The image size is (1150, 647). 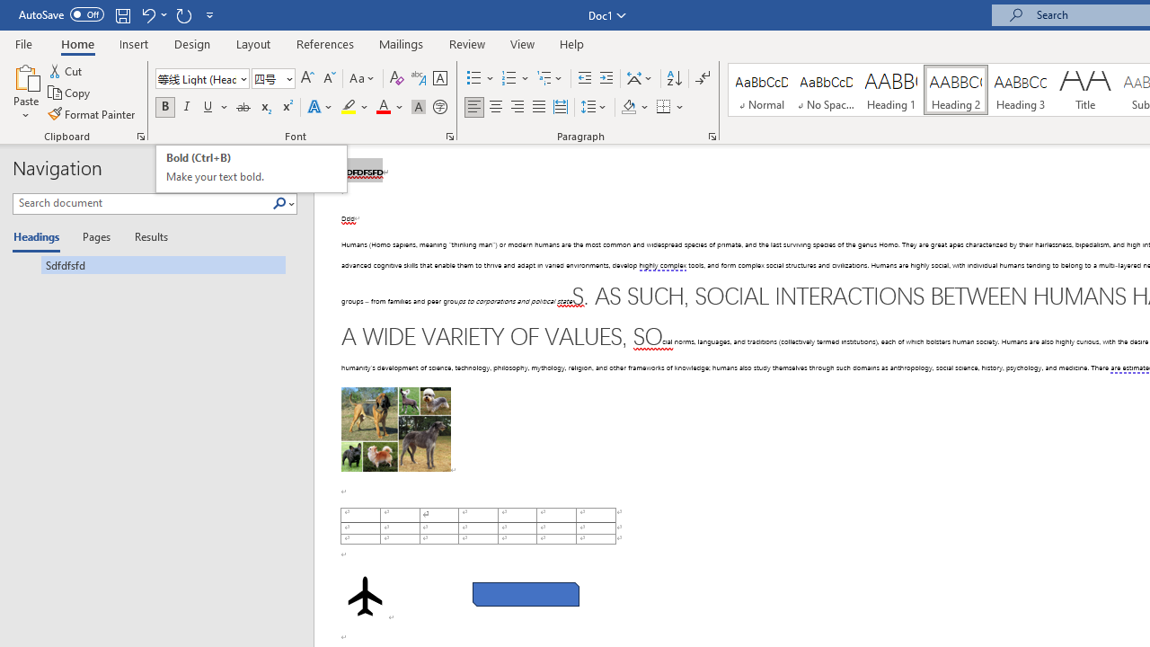 I want to click on 'Cut', so click(x=66, y=70).